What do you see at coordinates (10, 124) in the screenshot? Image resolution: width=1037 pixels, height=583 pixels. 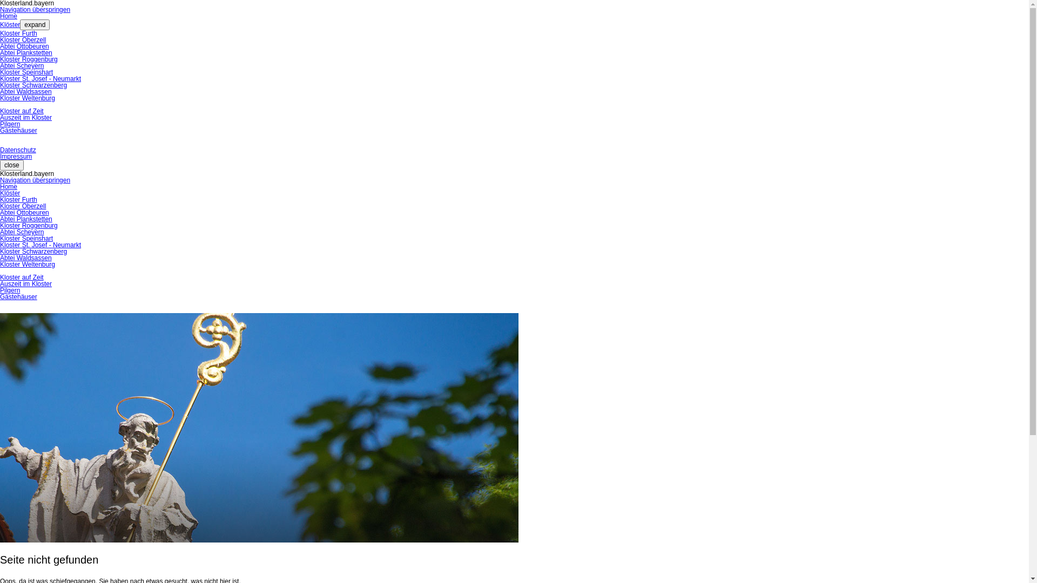 I see `'Pilgern'` at bounding box center [10, 124].